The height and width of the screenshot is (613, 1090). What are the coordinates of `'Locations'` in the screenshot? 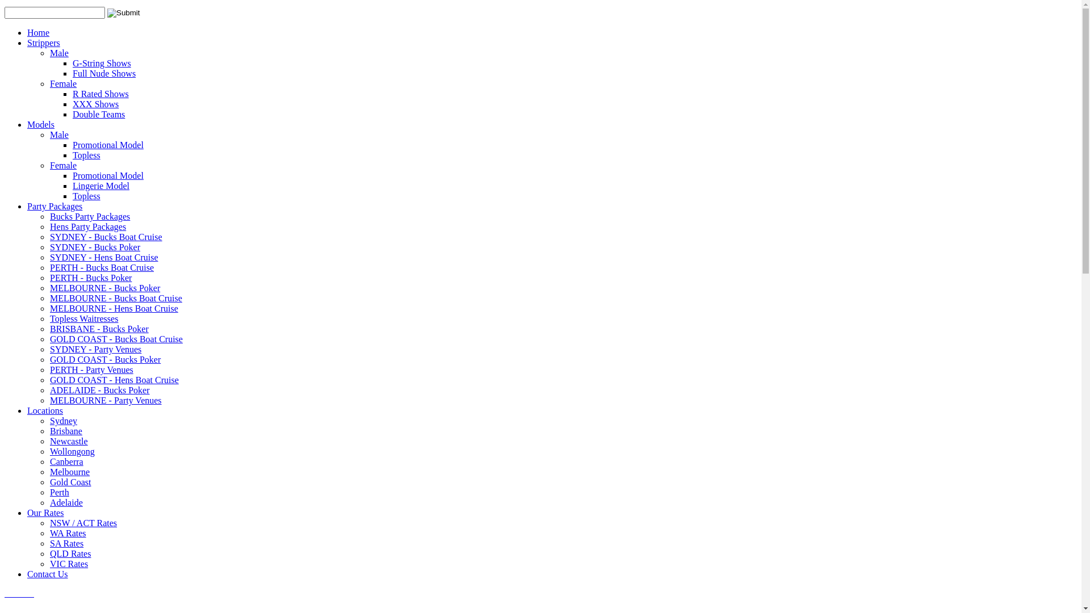 It's located at (27, 410).